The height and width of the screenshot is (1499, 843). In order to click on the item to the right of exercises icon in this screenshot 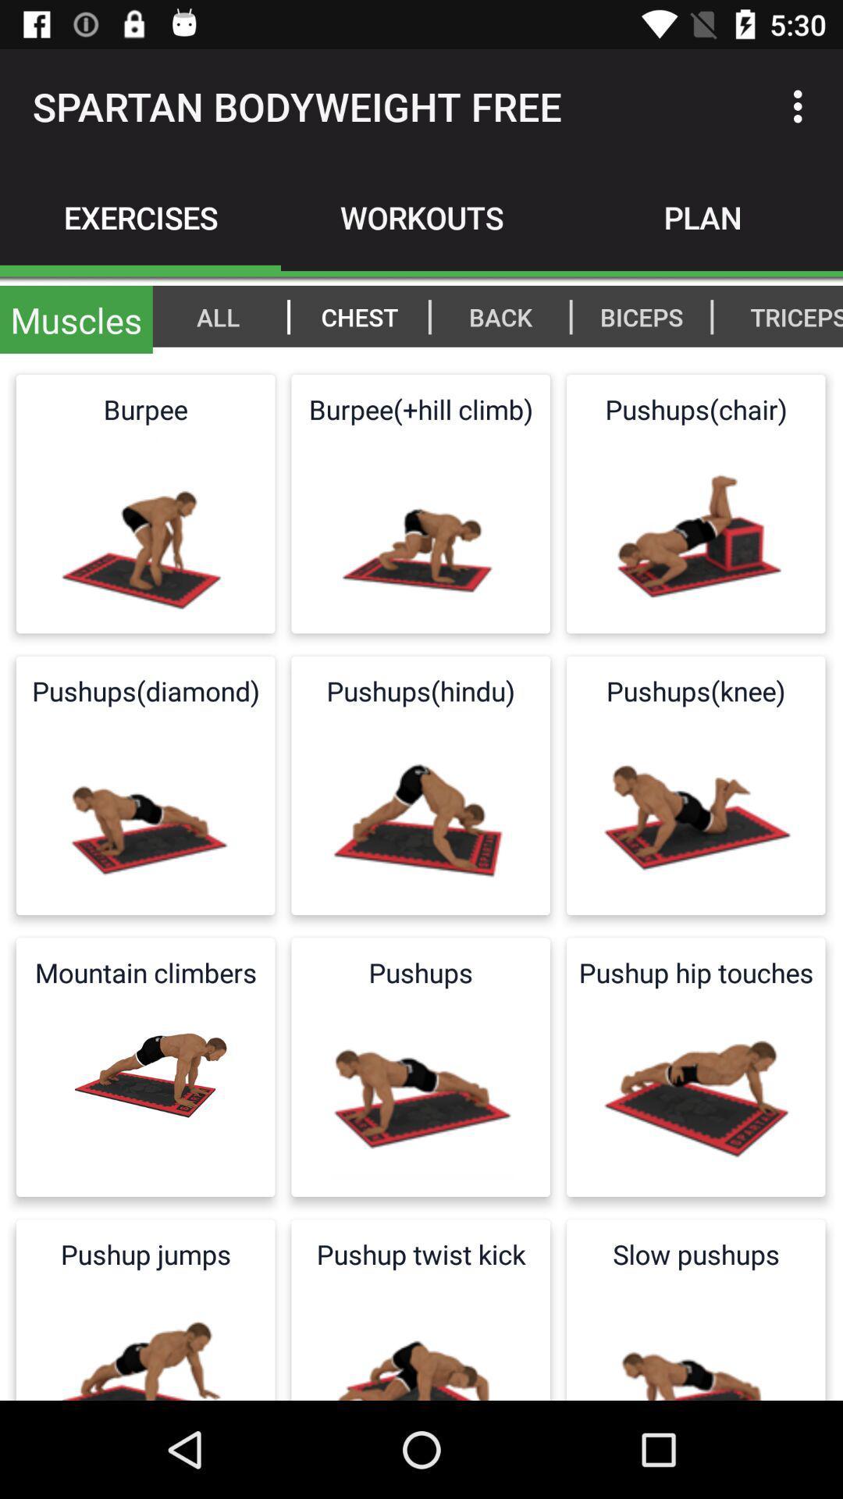, I will do `click(421, 216)`.